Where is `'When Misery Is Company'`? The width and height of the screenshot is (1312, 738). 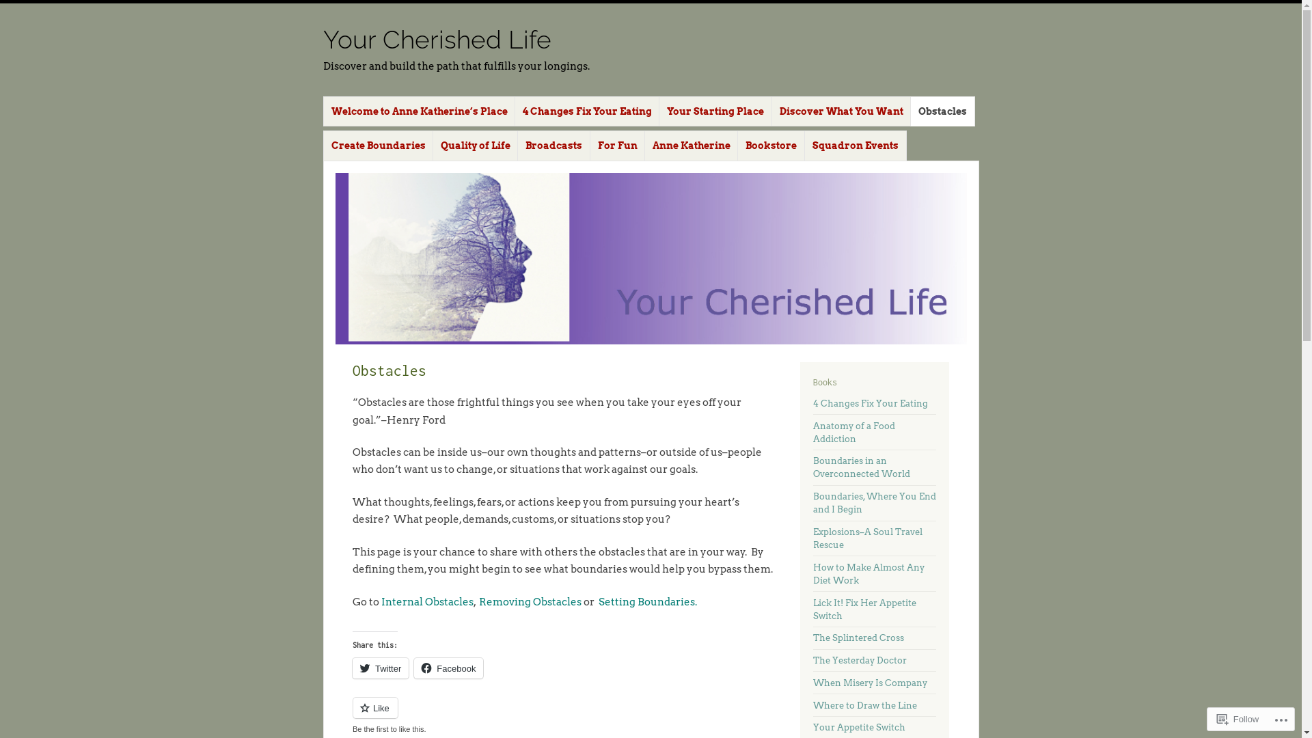
'When Misery Is Company' is located at coordinates (813, 683).